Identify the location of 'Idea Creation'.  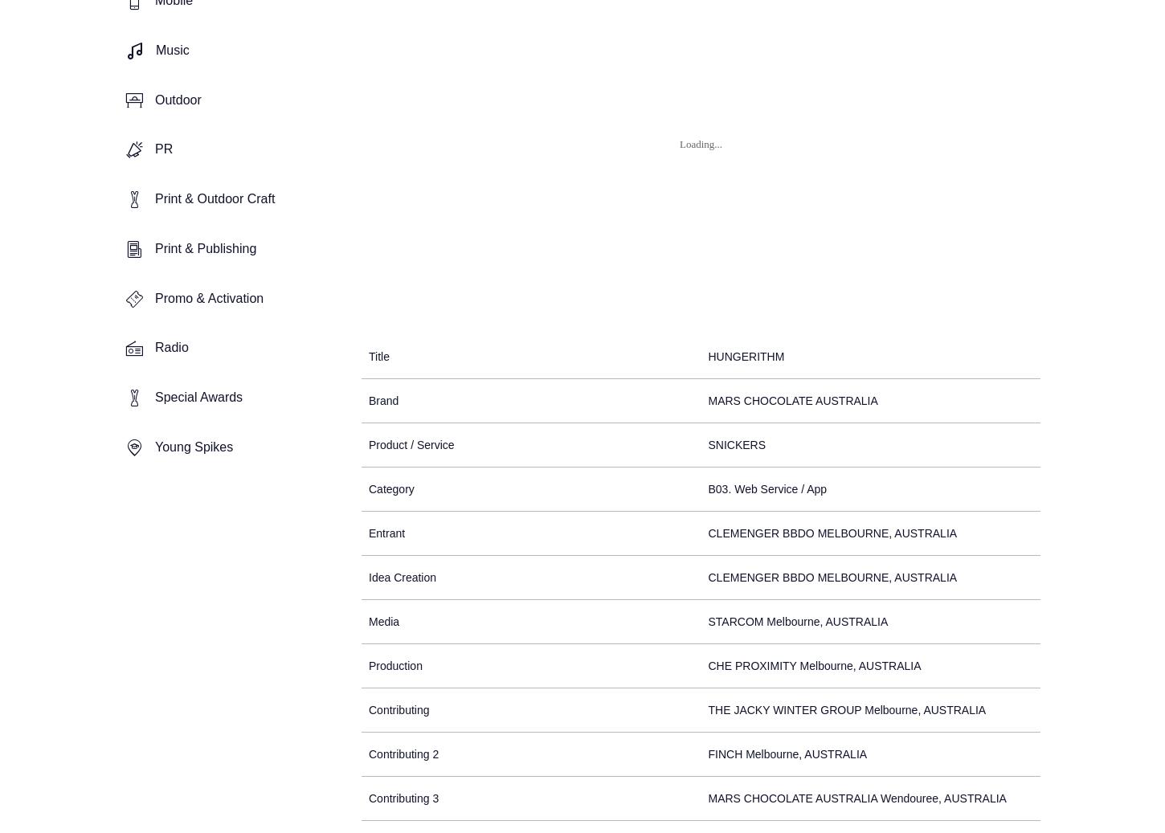
(402, 577).